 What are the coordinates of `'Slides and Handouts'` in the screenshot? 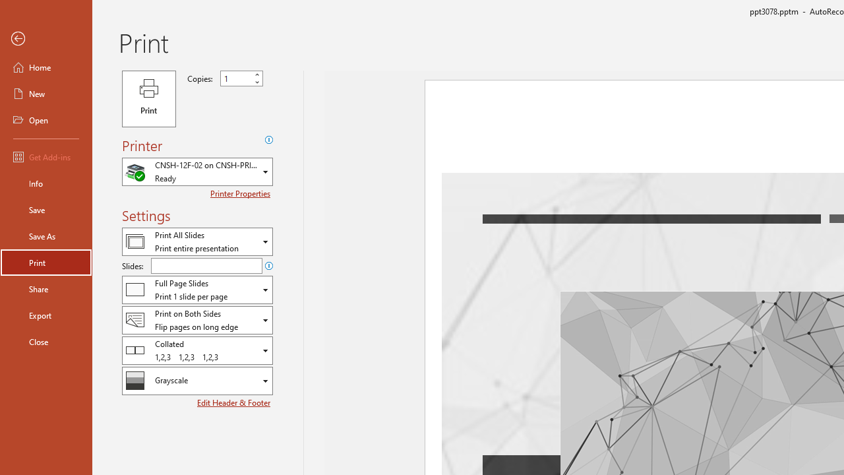 It's located at (196, 289).